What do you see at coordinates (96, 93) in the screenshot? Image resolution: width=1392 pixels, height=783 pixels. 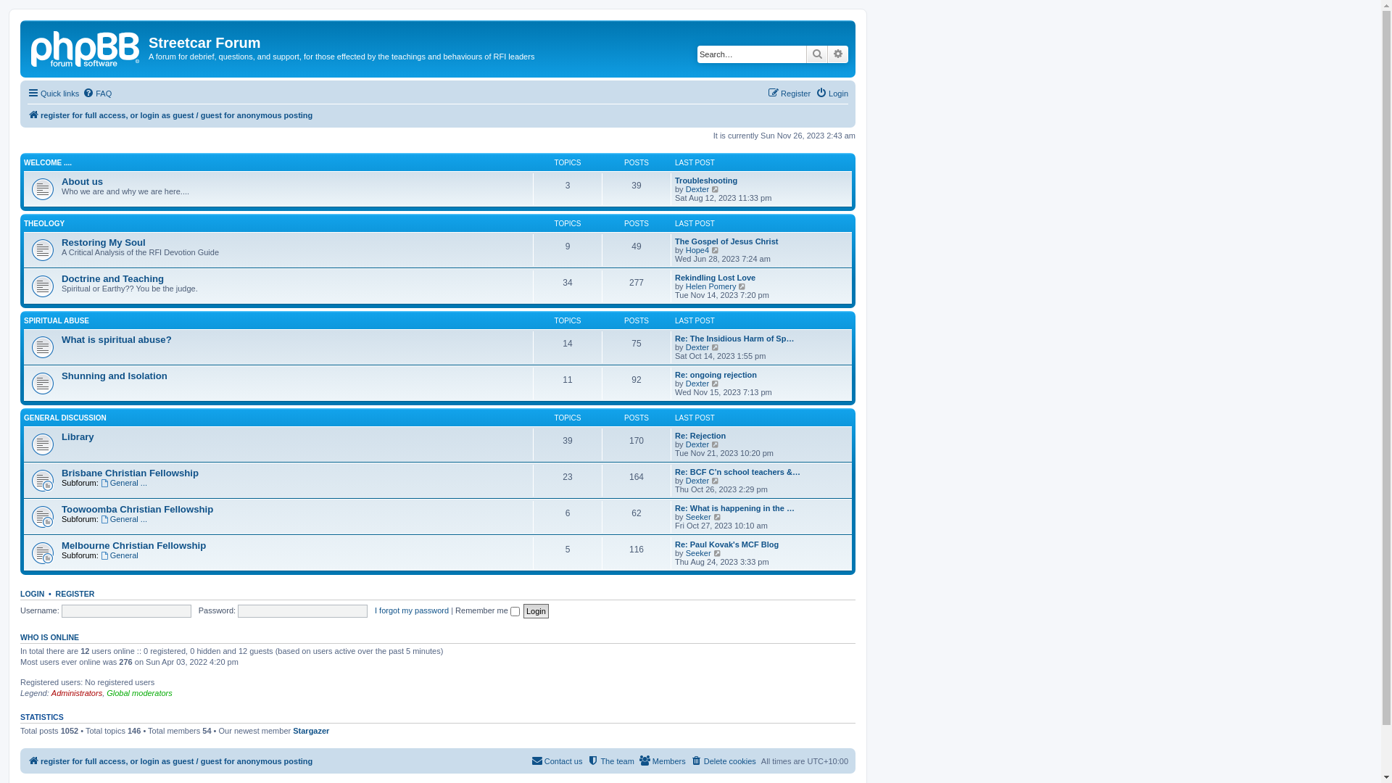 I see `'FAQ'` at bounding box center [96, 93].